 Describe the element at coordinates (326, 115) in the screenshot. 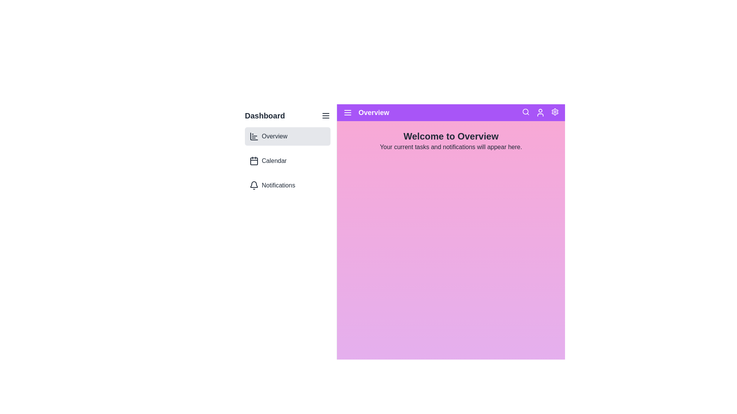

I see `the menu icon in the header to toggle the sidebar visibility` at that location.